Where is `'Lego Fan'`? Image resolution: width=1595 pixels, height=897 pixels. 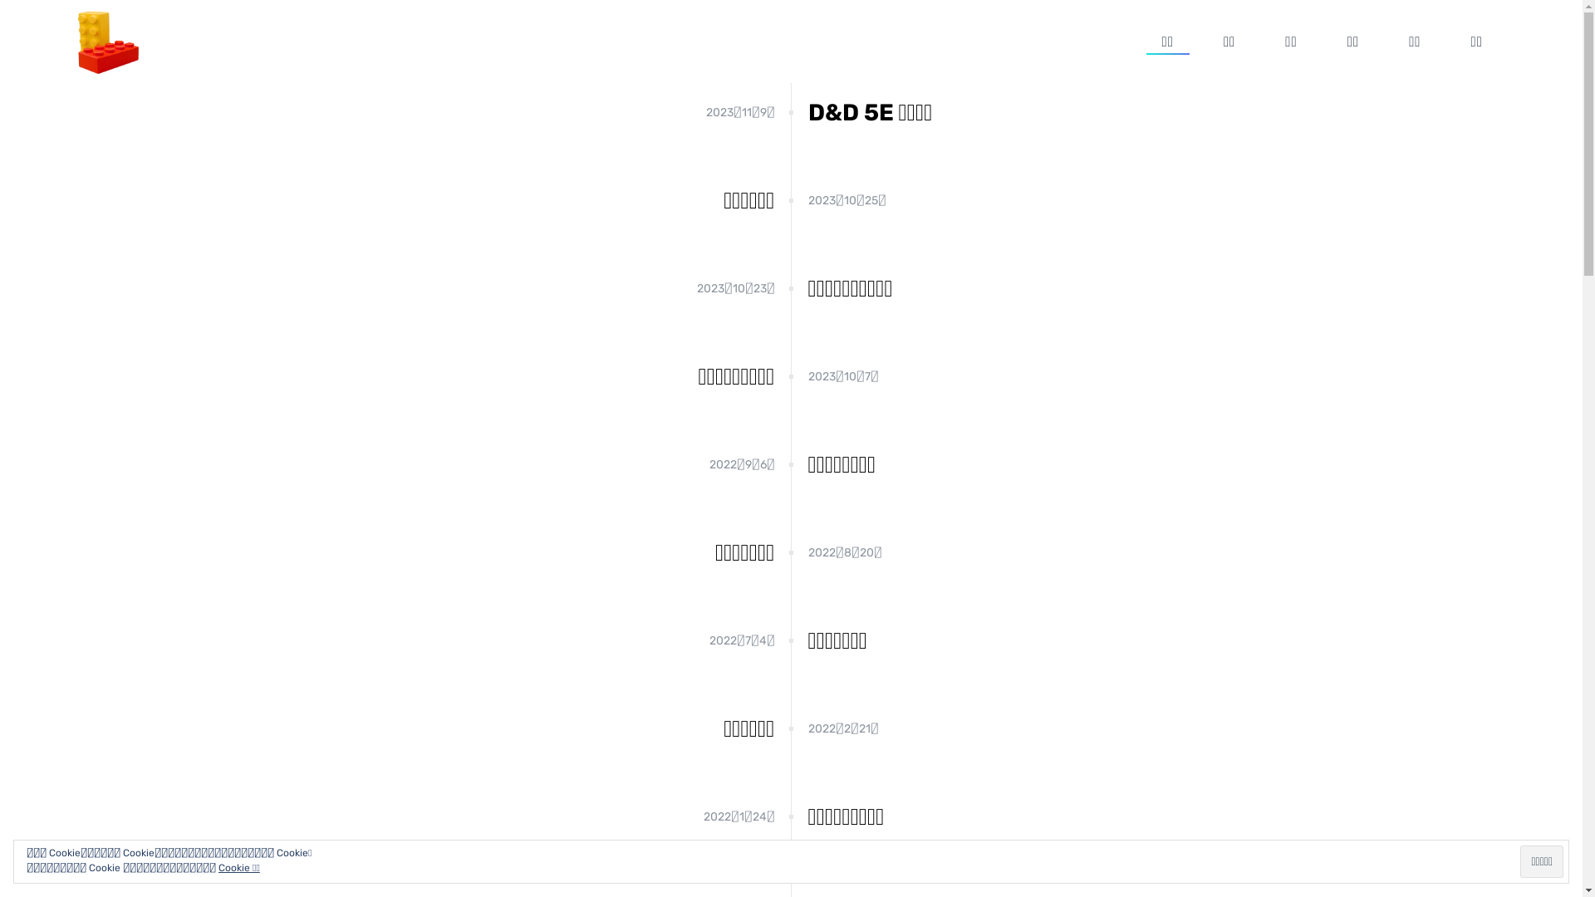
'Lego Fan' is located at coordinates (106, 41).